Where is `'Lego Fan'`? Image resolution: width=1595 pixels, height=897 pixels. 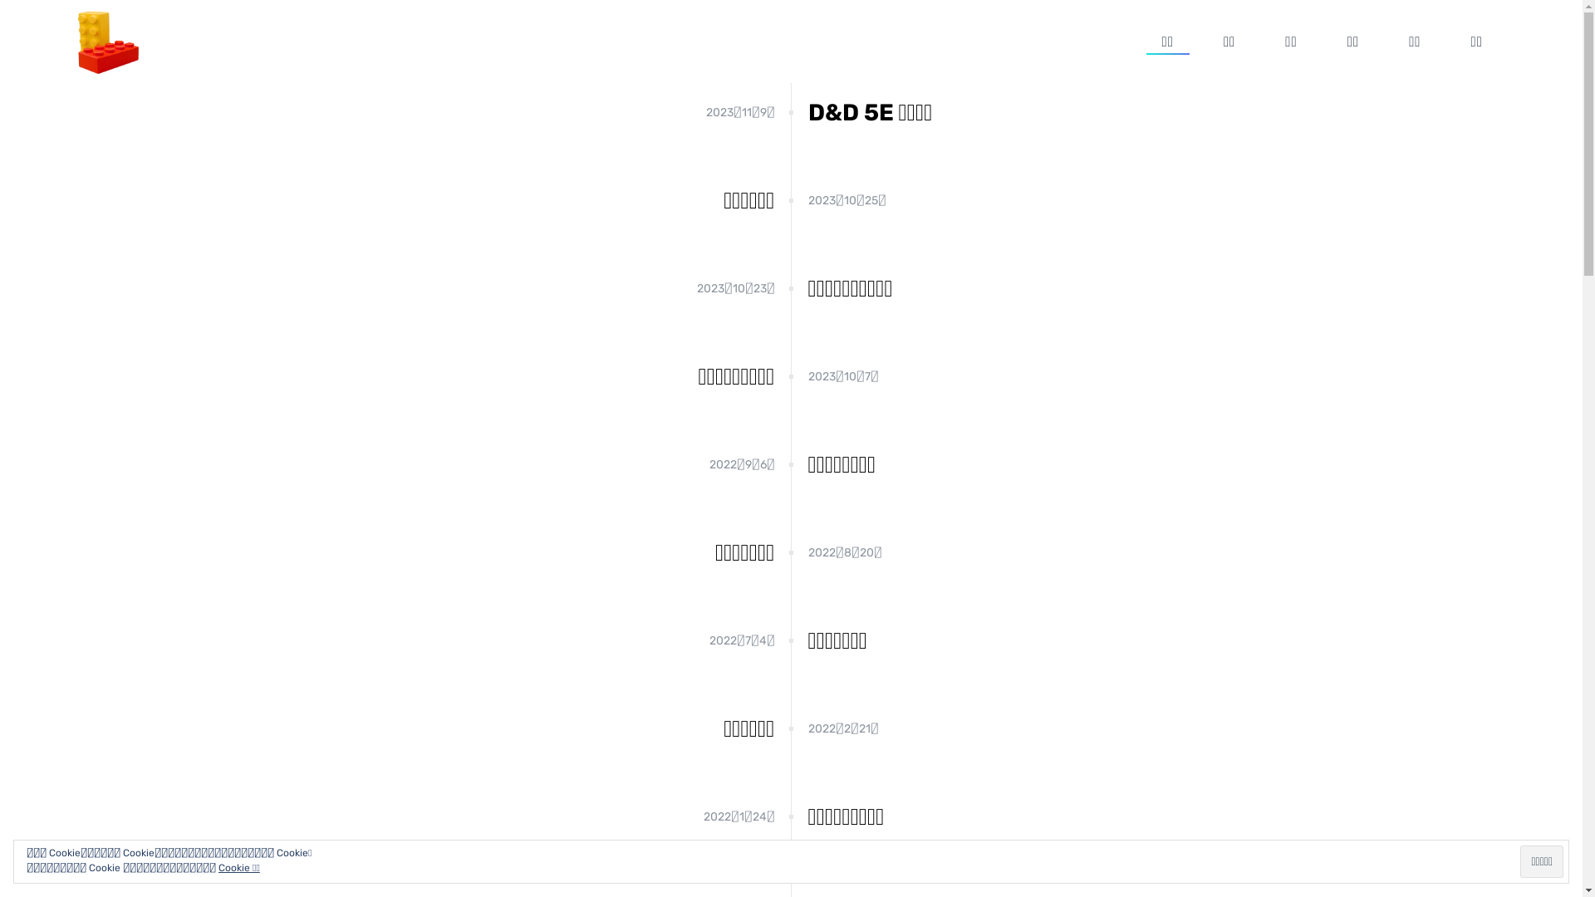
'Lego Fan' is located at coordinates (106, 41).